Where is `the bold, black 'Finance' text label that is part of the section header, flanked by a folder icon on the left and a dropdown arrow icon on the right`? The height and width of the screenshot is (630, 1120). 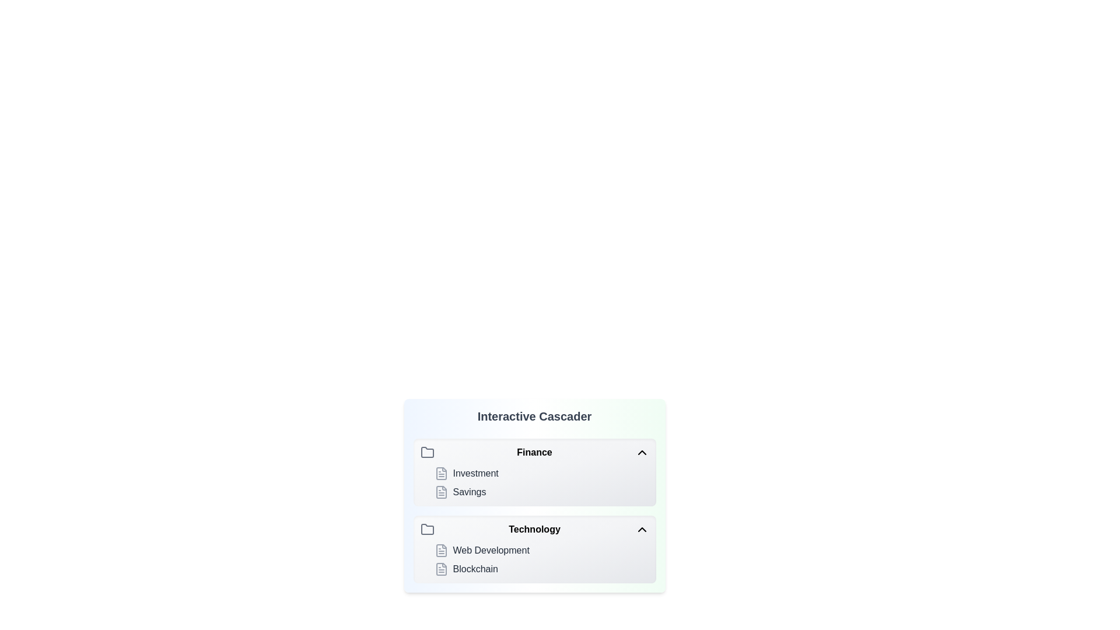 the bold, black 'Finance' text label that is part of the section header, flanked by a folder icon on the left and a dropdown arrow icon on the right is located at coordinates (534, 452).